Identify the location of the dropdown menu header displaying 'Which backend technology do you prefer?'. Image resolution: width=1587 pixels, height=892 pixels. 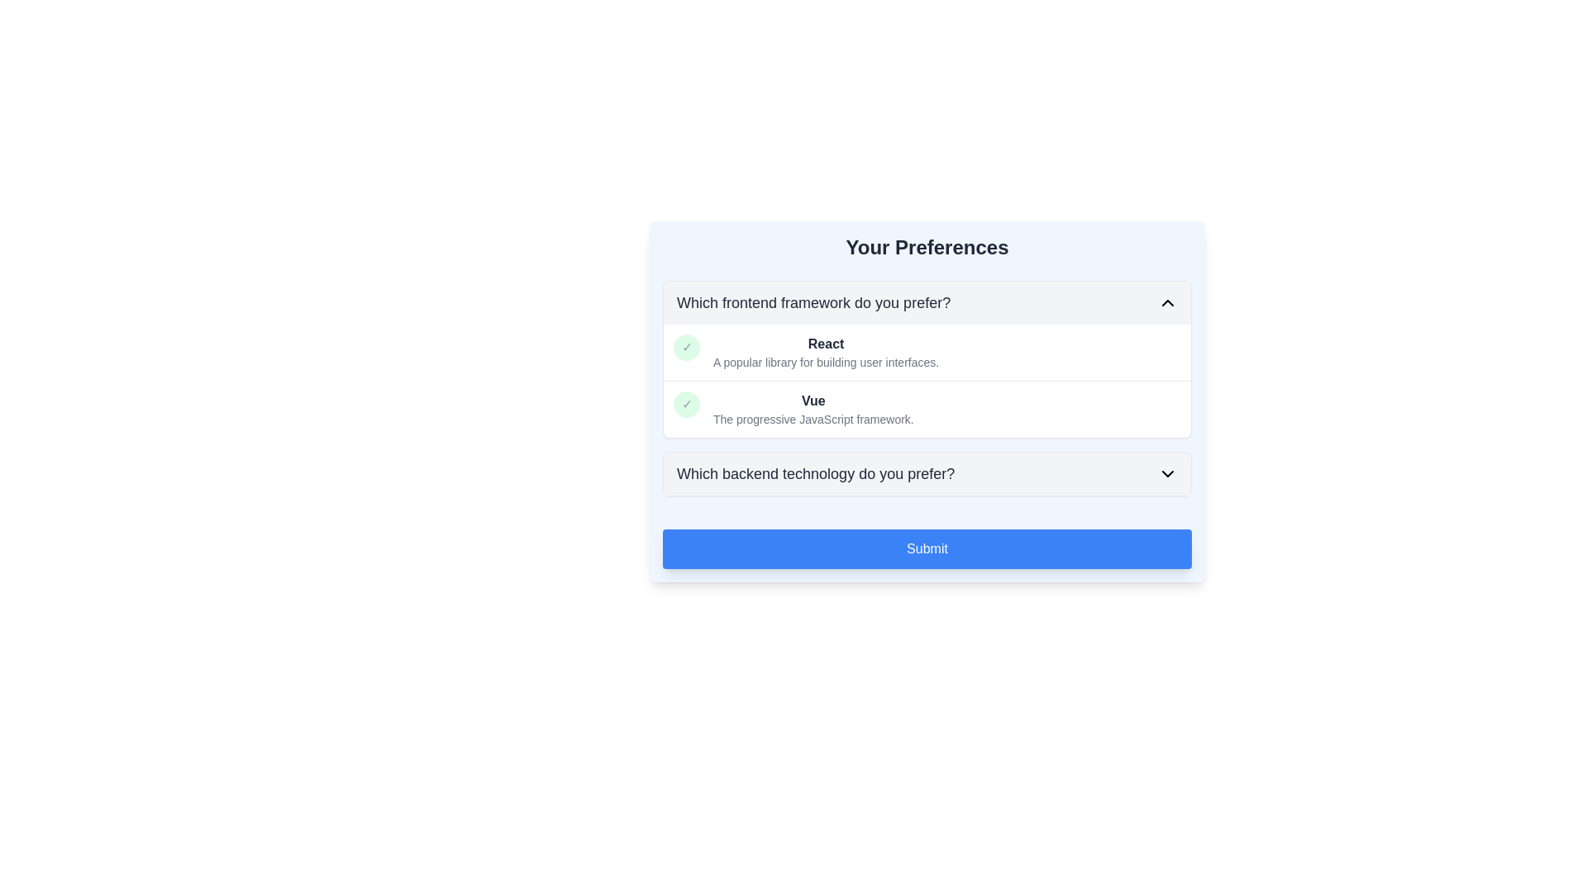
(927, 474).